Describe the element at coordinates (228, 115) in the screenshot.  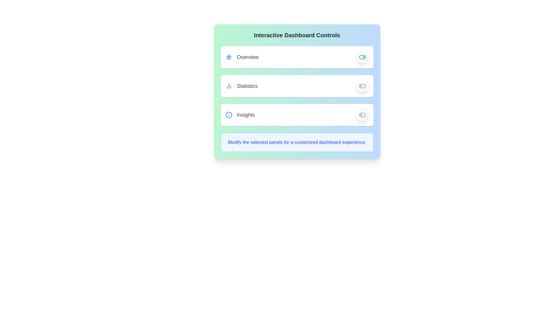
I see `the outlined circular icon with a blue border located in the 'Insights' section, to the left of the 'Insights' text` at that location.